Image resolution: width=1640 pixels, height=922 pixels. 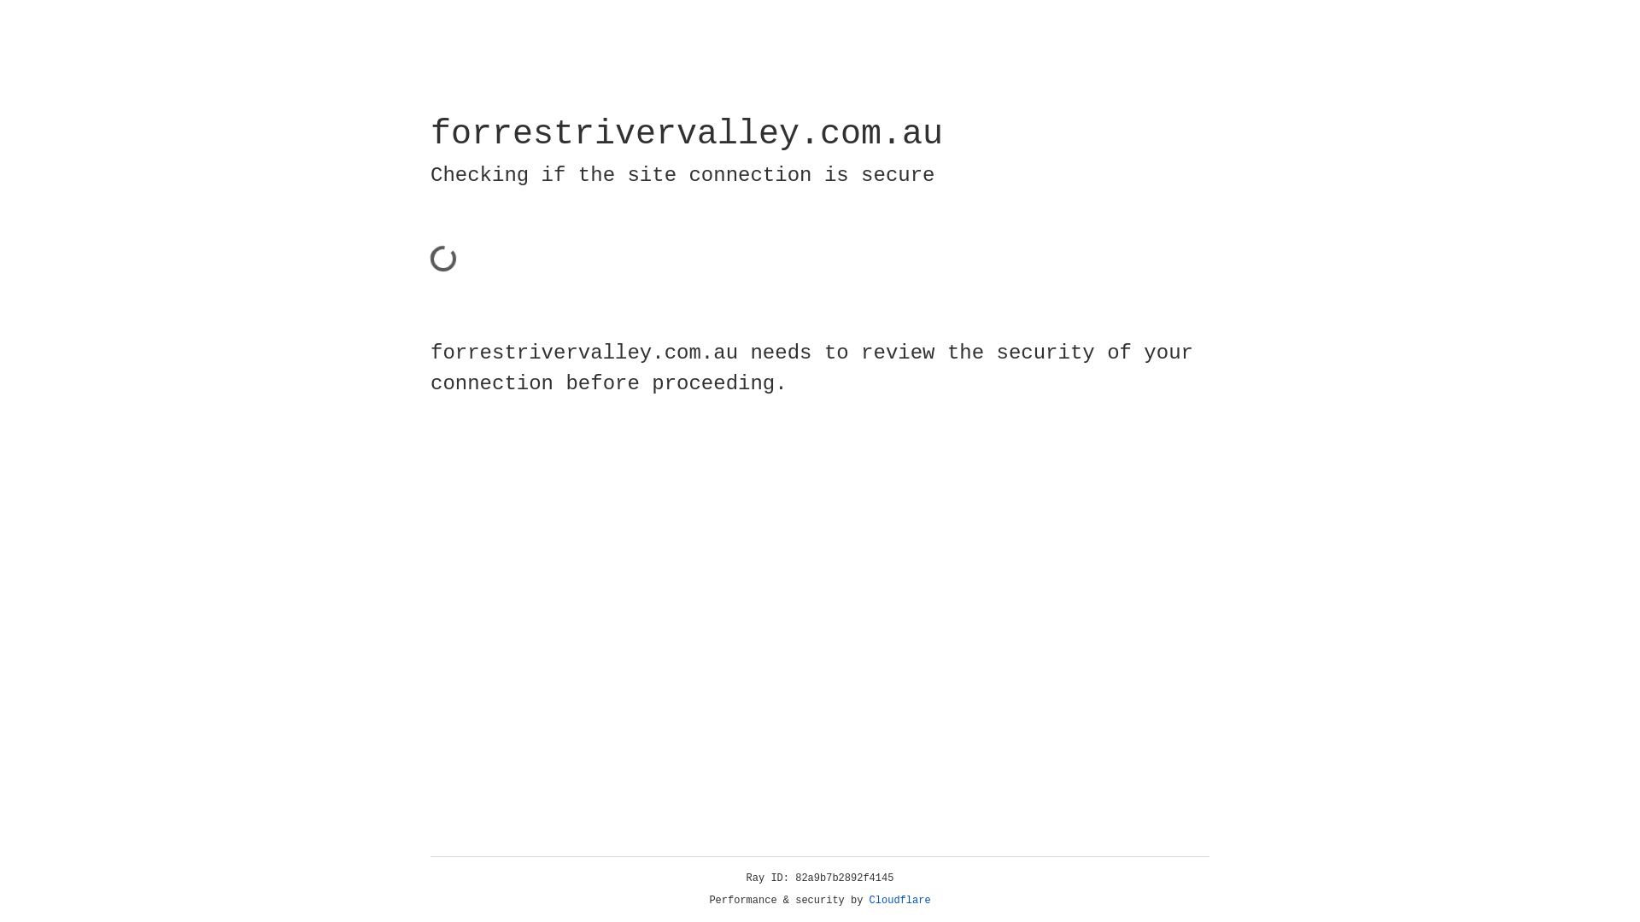 What do you see at coordinates (869, 900) in the screenshot?
I see `'Cloudflare'` at bounding box center [869, 900].